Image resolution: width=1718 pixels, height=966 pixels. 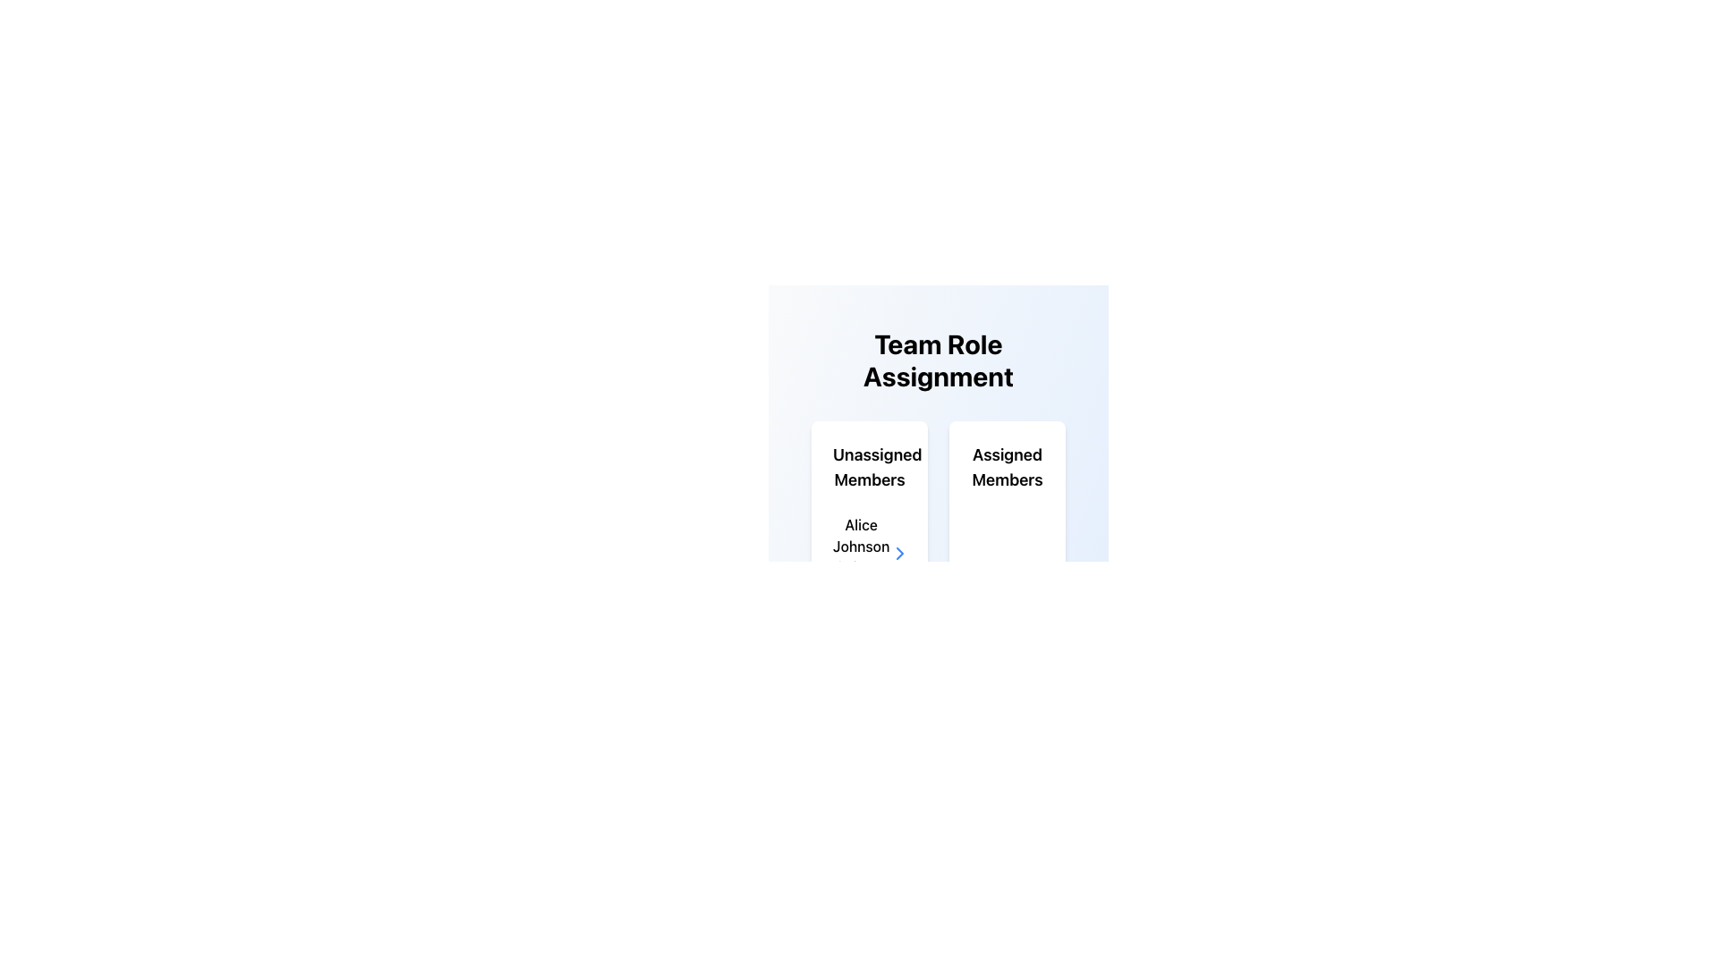 What do you see at coordinates (861, 534) in the screenshot?
I see `the Text Display element which serves as a visual identifier for a team member, located above the 'Software Engineer' text in the 'Unassigned Members' section` at bounding box center [861, 534].